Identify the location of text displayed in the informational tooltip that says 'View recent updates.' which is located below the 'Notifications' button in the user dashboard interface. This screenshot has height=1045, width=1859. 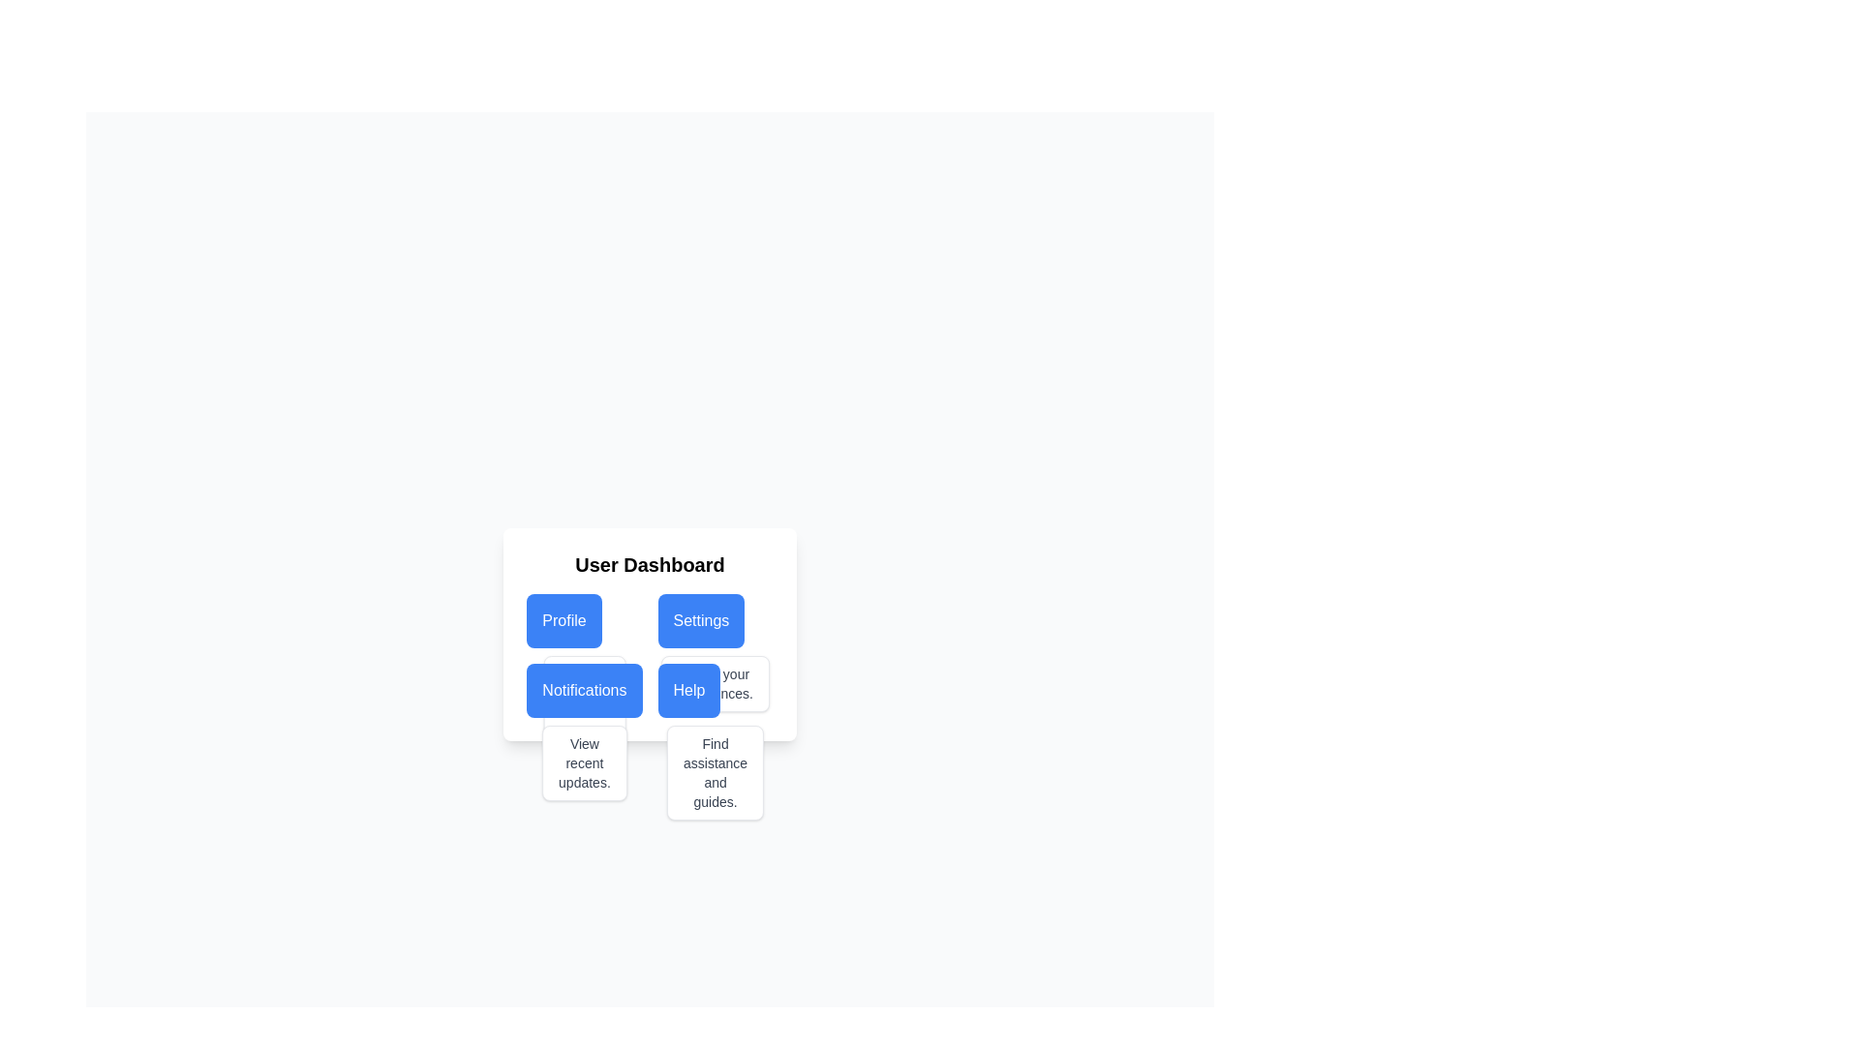
(583, 762).